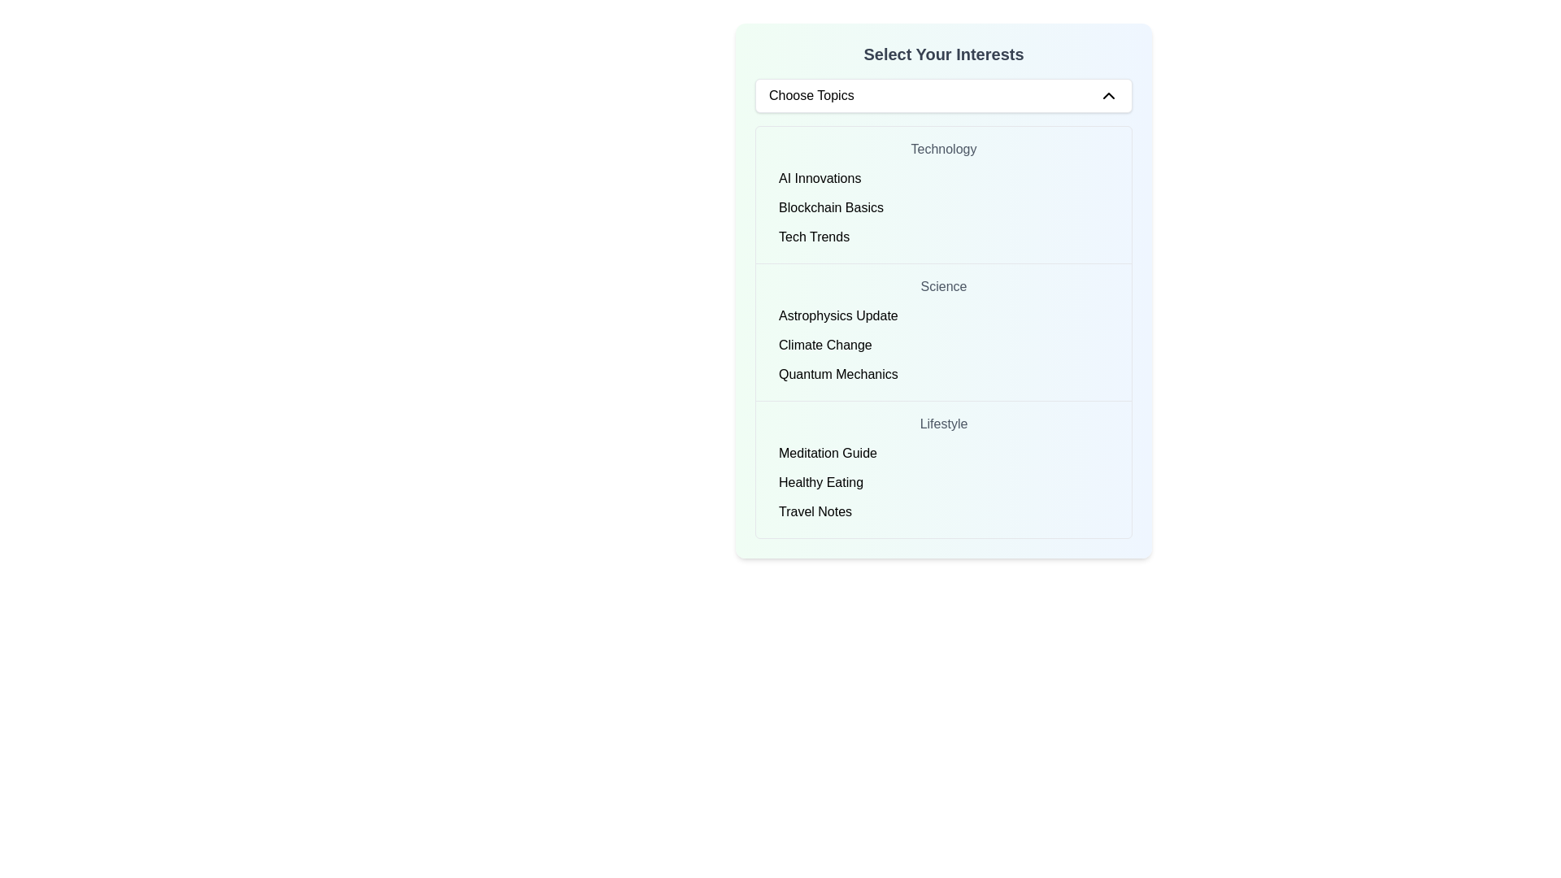 The height and width of the screenshot is (878, 1561). I want to click on the 'Climate Change' text label located in the 'Science' category list, so click(825, 344).